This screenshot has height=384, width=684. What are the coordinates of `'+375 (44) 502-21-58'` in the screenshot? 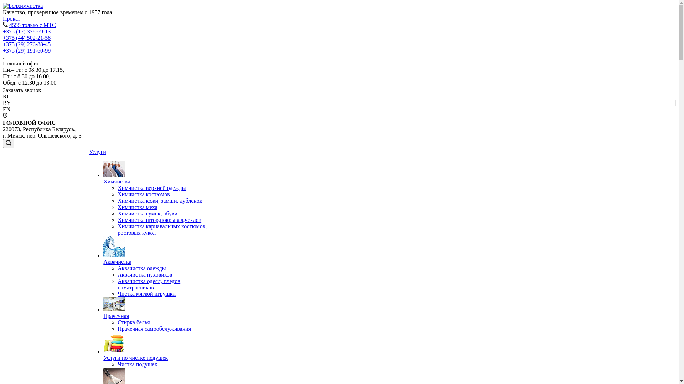 It's located at (27, 38).